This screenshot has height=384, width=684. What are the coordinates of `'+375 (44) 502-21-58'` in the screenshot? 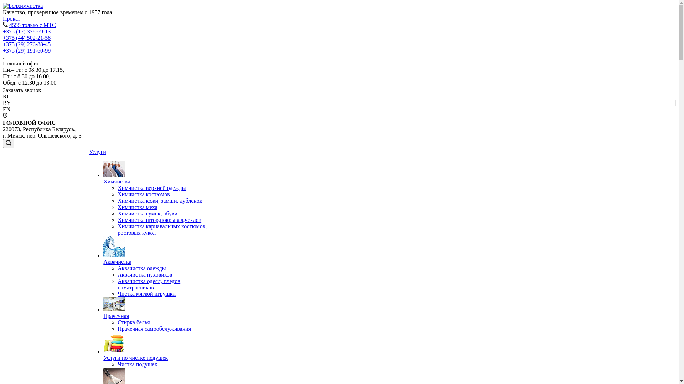 It's located at (27, 38).